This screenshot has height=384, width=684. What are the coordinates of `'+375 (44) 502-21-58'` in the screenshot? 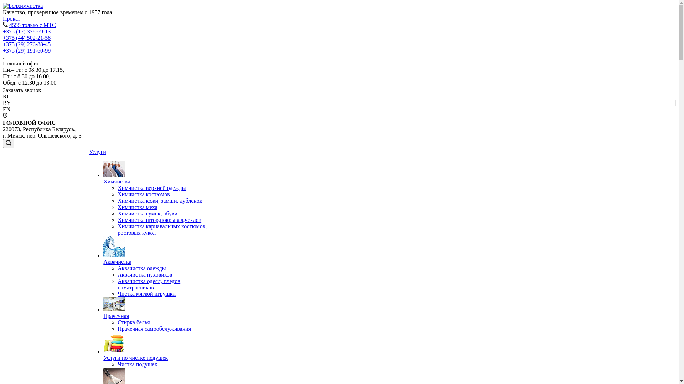 It's located at (27, 38).